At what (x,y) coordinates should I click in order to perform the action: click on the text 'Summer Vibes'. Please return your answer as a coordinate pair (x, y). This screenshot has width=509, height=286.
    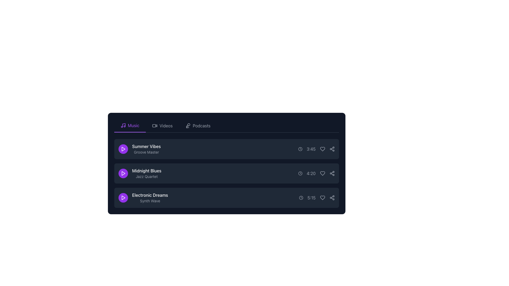
    Looking at the image, I should click on (139, 149).